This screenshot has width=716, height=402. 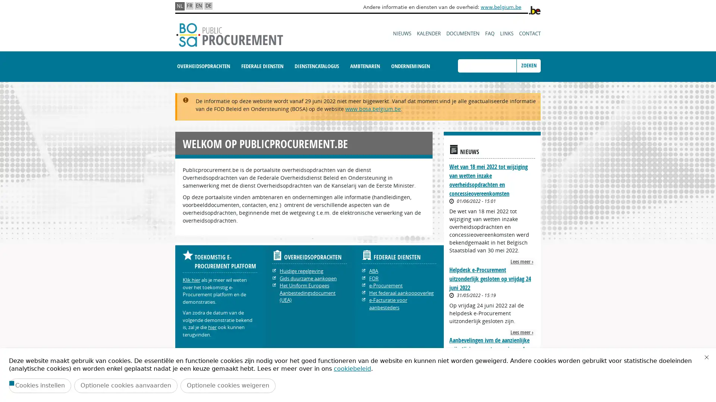 What do you see at coordinates (528, 66) in the screenshot?
I see `Zoeken` at bounding box center [528, 66].